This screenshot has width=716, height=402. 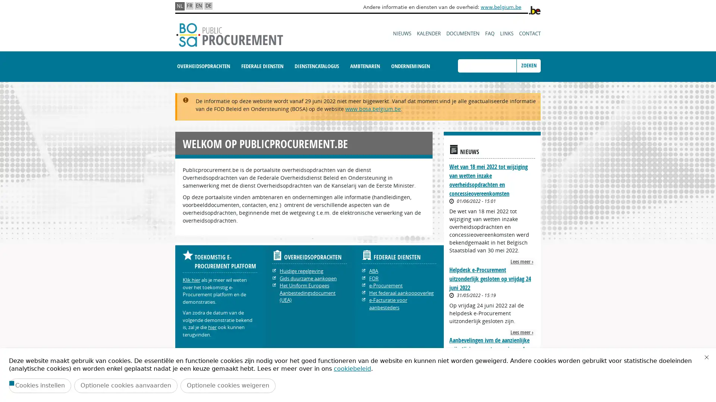 What do you see at coordinates (528, 66) in the screenshot?
I see `Zoeken` at bounding box center [528, 66].